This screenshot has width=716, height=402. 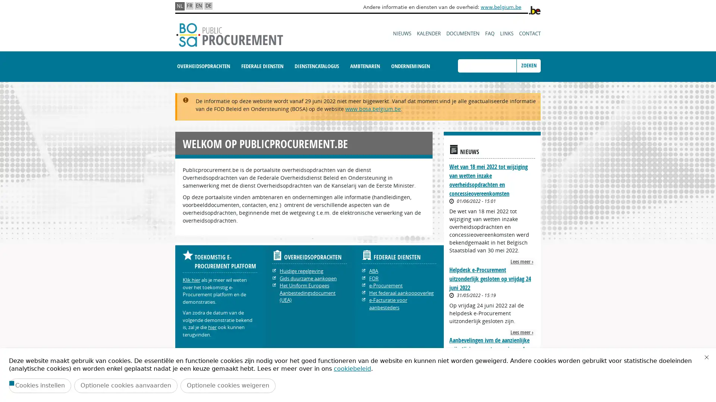 What do you see at coordinates (528, 66) in the screenshot?
I see `Zoeken` at bounding box center [528, 66].